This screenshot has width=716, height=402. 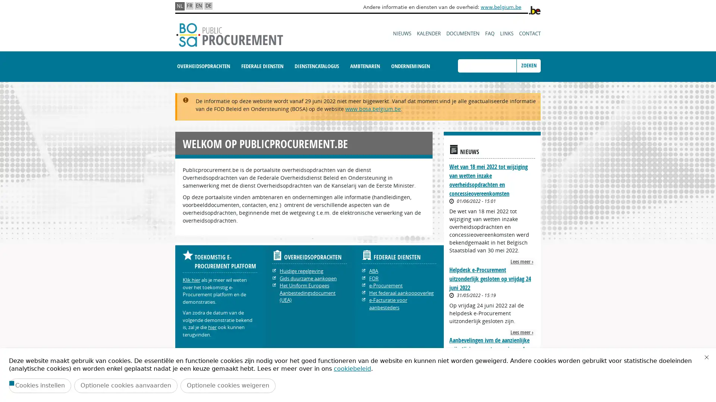 What do you see at coordinates (528, 66) in the screenshot?
I see `Zoeken` at bounding box center [528, 66].